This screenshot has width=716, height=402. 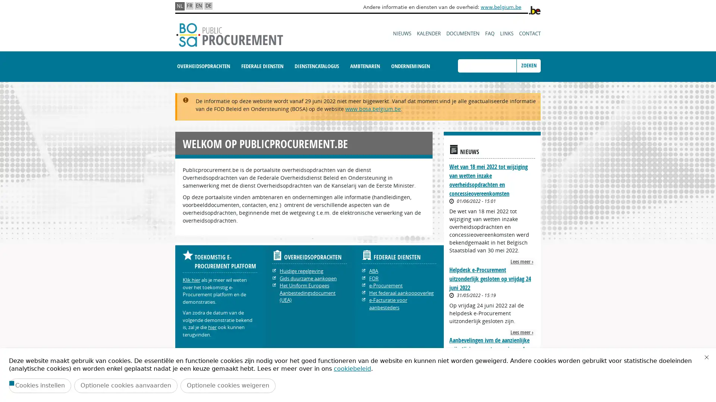 What do you see at coordinates (528, 66) in the screenshot?
I see `Zoeken` at bounding box center [528, 66].